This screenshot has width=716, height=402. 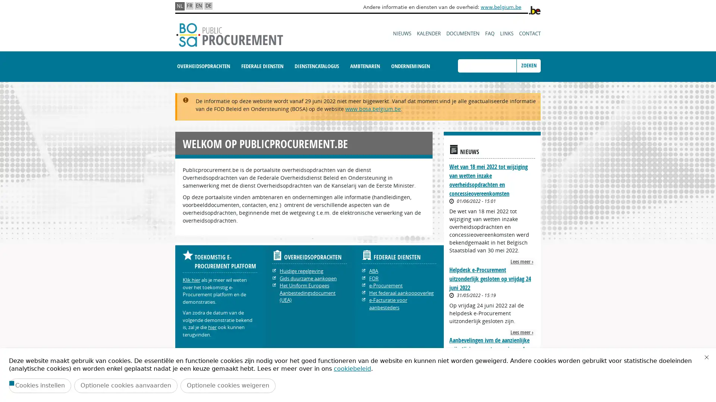 What do you see at coordinates (528, 66) in the screenshot?
I see `Zoeken` at bounding box center [528, 66].